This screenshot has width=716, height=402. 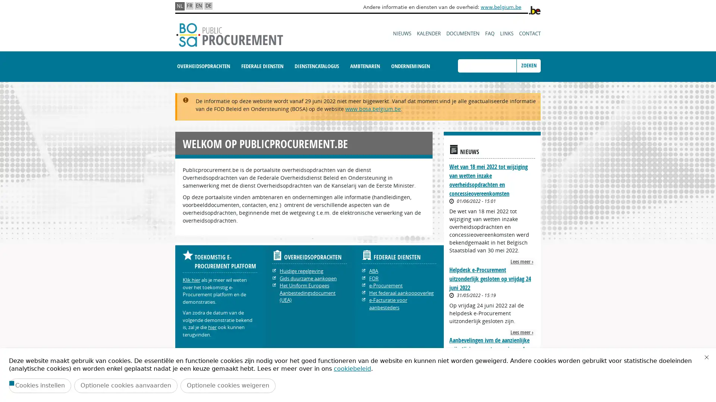 What do you see at coordinates (528, 66) in the screenshot?
I see `Zoeken` at bounding box center [528, 66].